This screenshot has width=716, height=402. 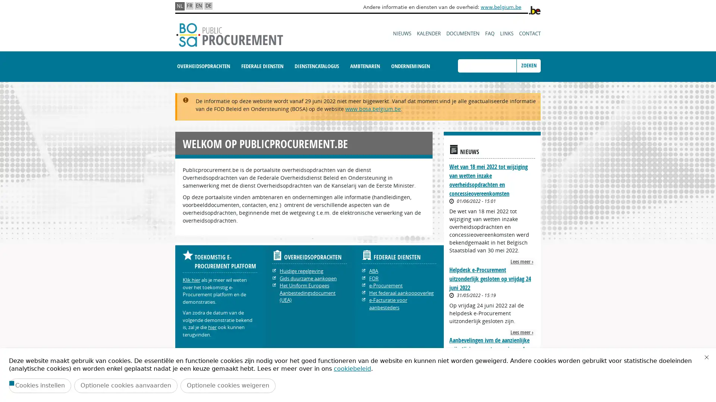 What do you see at coordinates (528, 66) in the screenshot?
I see `Zoeken` at bounding box center [528, 66].